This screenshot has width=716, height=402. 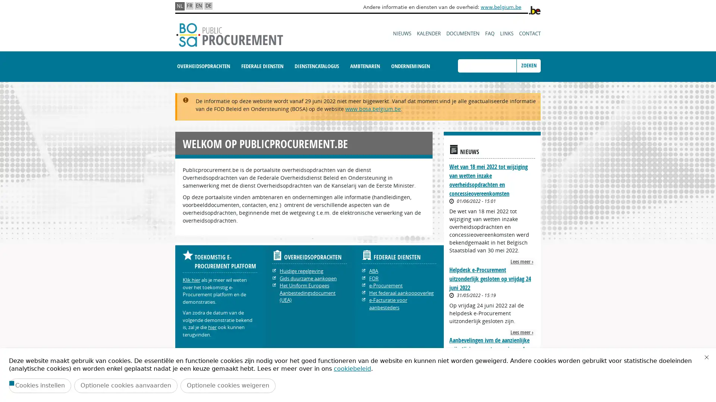 What do you see at coordinates (528, 66) in the screenshot?
I see `Zoeken` at bounding box center [528, 66].